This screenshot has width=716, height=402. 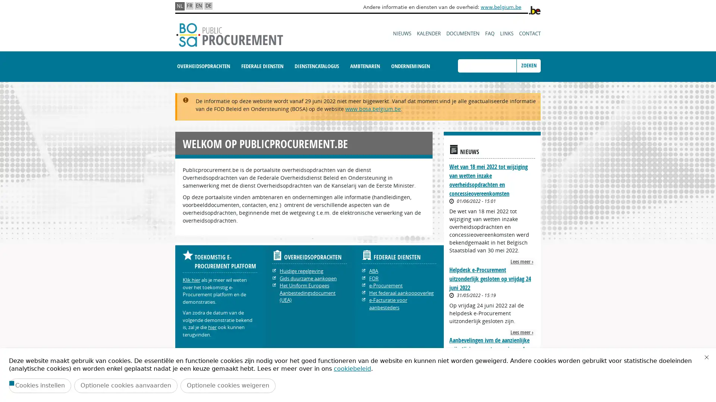 What do you see at coordinates (528, 66) in the screenshot?
I see `Zoeken` at bounding box center [528, 66].